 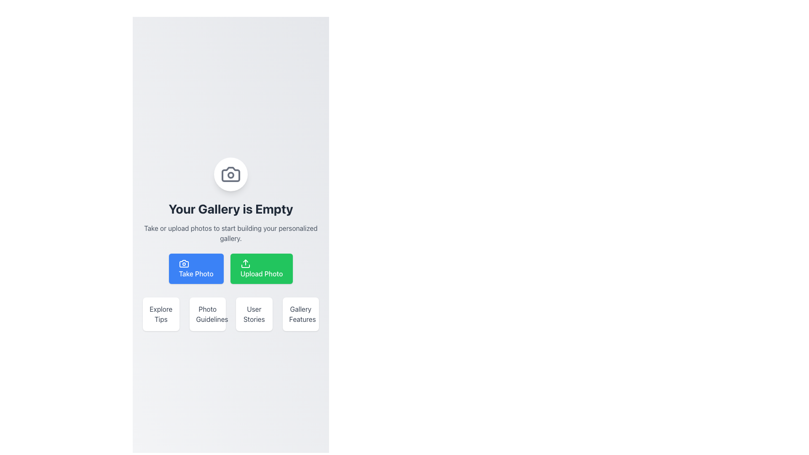 I want to click on the Decorative icon component, which is a horizontal rectangular line with rounded corners, located at the bottom of the icon group within the 'Upload Photo' button, so click(x=245, y=266).